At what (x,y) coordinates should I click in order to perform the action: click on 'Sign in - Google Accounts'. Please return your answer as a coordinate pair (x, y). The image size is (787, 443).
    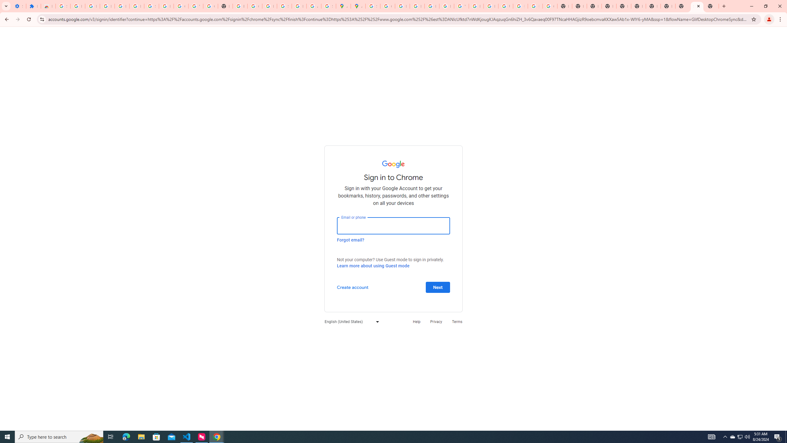
    Looking at the image, I should click on (62, 6).